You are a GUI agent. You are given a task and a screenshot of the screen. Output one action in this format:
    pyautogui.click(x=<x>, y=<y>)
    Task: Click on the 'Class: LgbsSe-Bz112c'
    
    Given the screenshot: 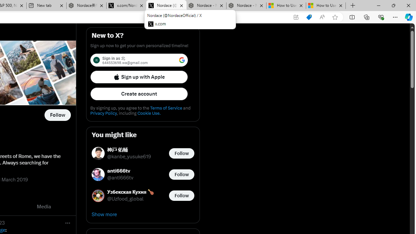 What is the action you would take?
    pyautogui.click(x=182, y=60)
    